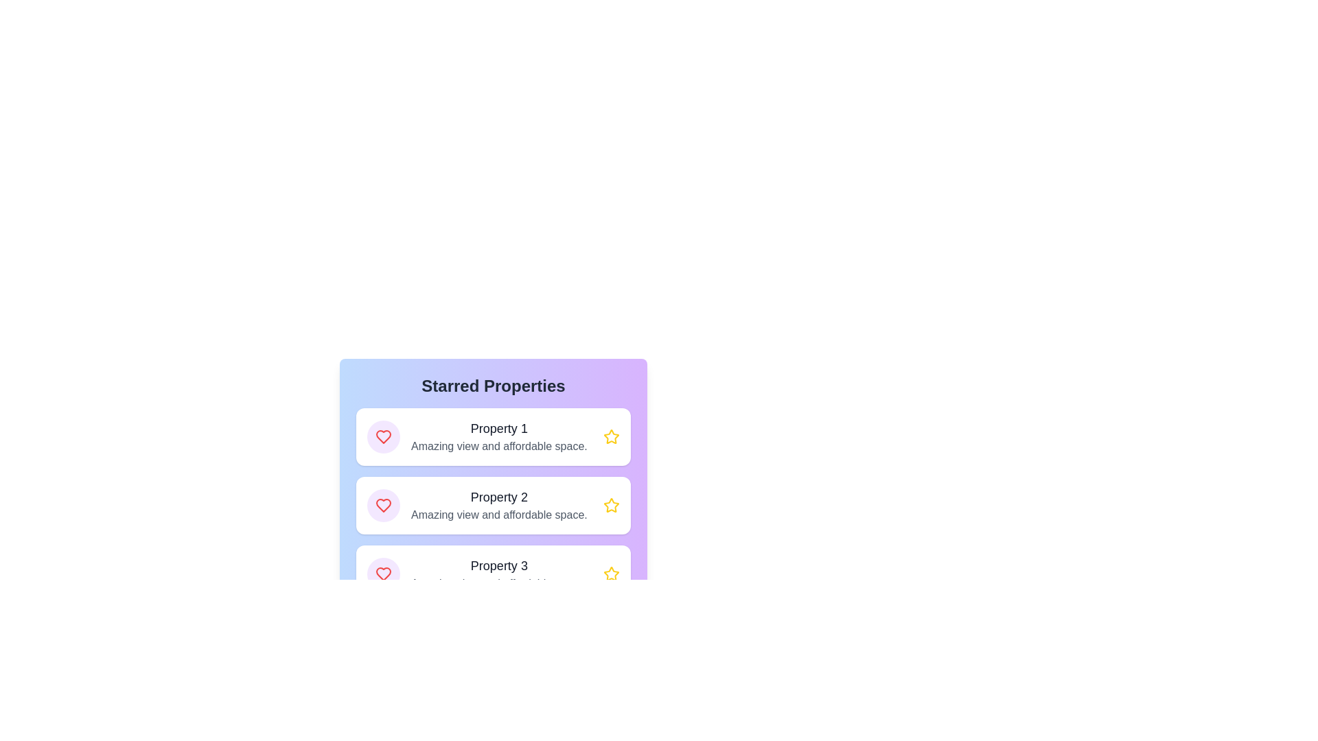  I want to click on the IconButton representing the 'favorite' or 'like' status for the second entry in the 'Starred Properties' list, which aligns with 'Property 2' and 'Amazing view and affordable space.', so click(383, 505).